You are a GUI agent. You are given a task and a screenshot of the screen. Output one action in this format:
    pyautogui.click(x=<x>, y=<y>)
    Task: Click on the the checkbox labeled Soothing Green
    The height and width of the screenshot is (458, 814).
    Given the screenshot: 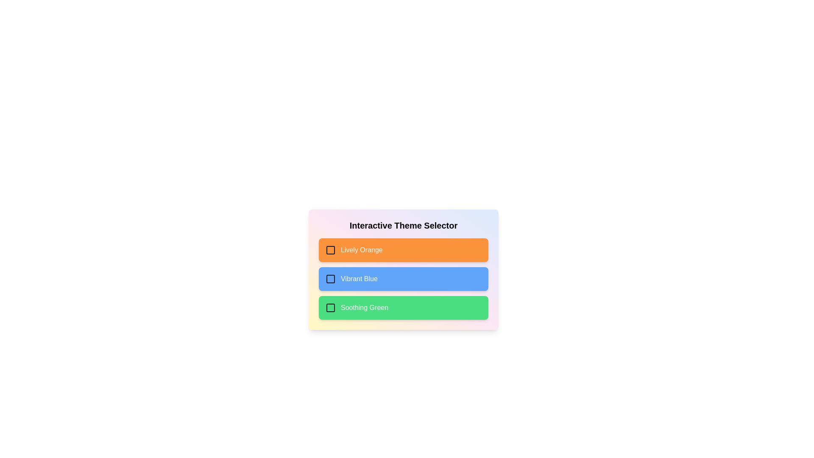 What is the action you would take?
    pyautogui.click(x=330, y=307)
    